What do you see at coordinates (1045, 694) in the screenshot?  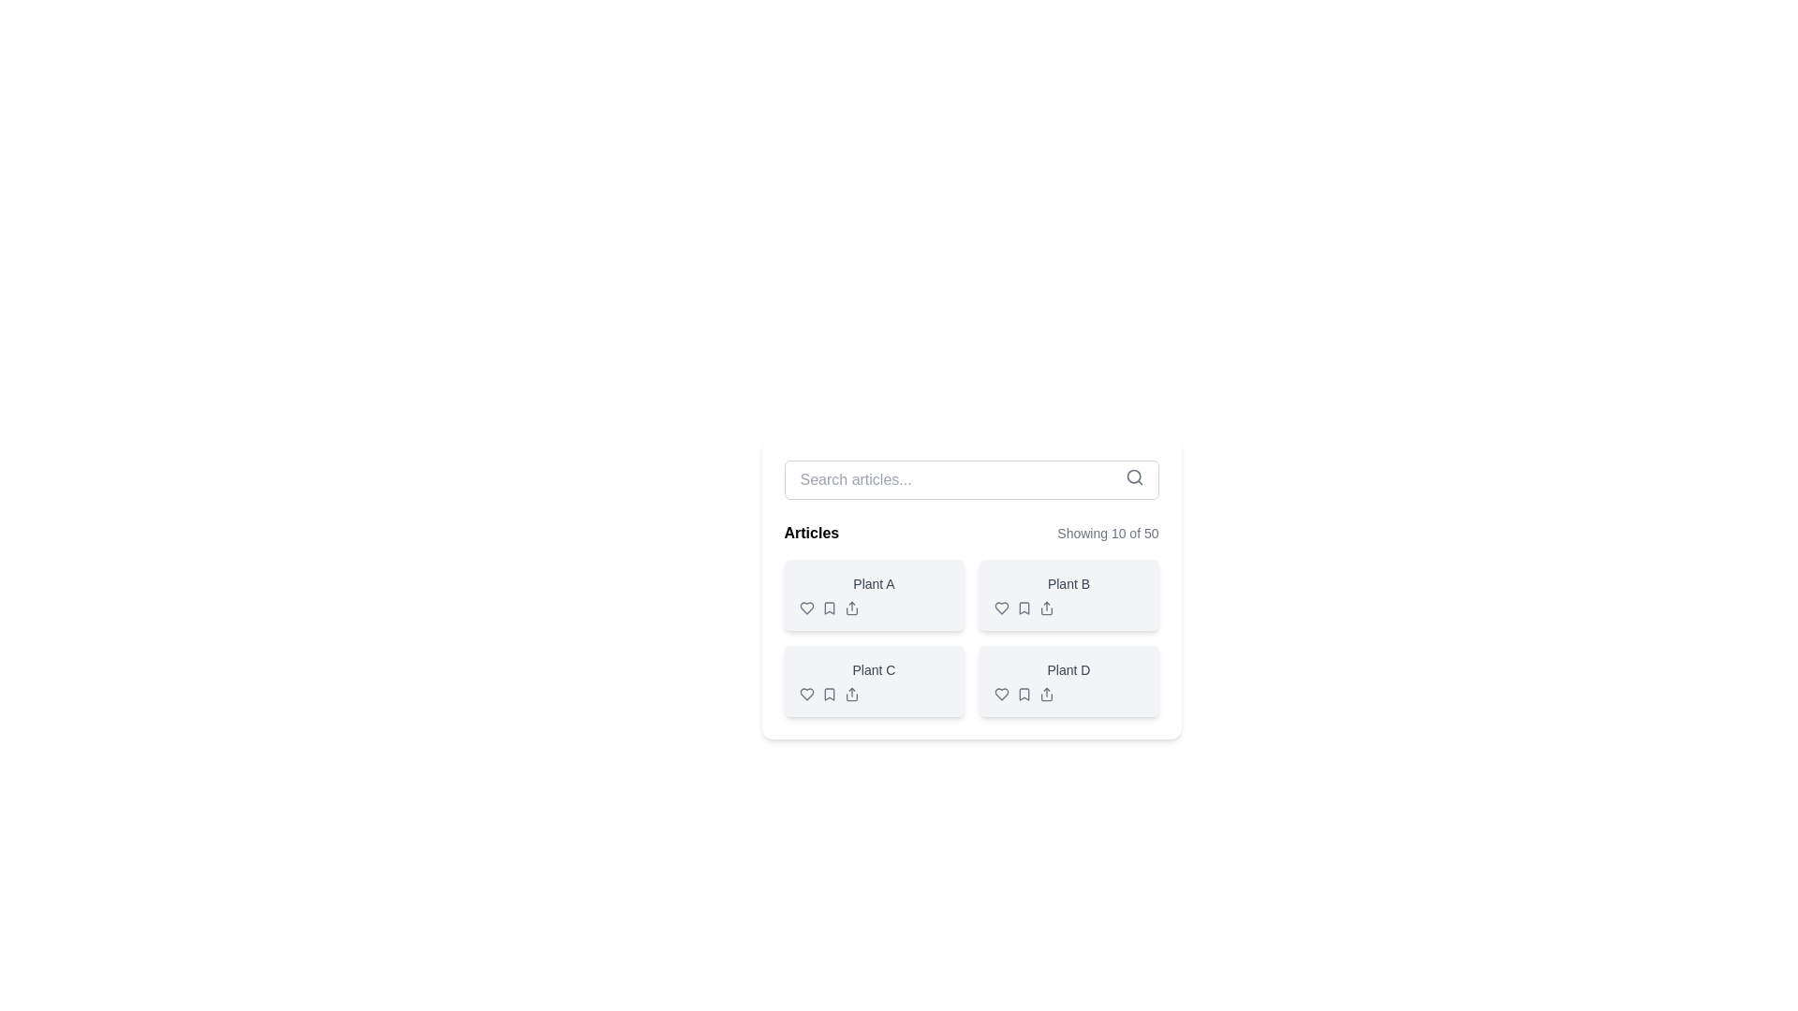 I see `the share icon button located beneath the 'Plant D' card, which is the third icon from the left in the lower-right section of the article listings` at bounding box center [1045, 694].